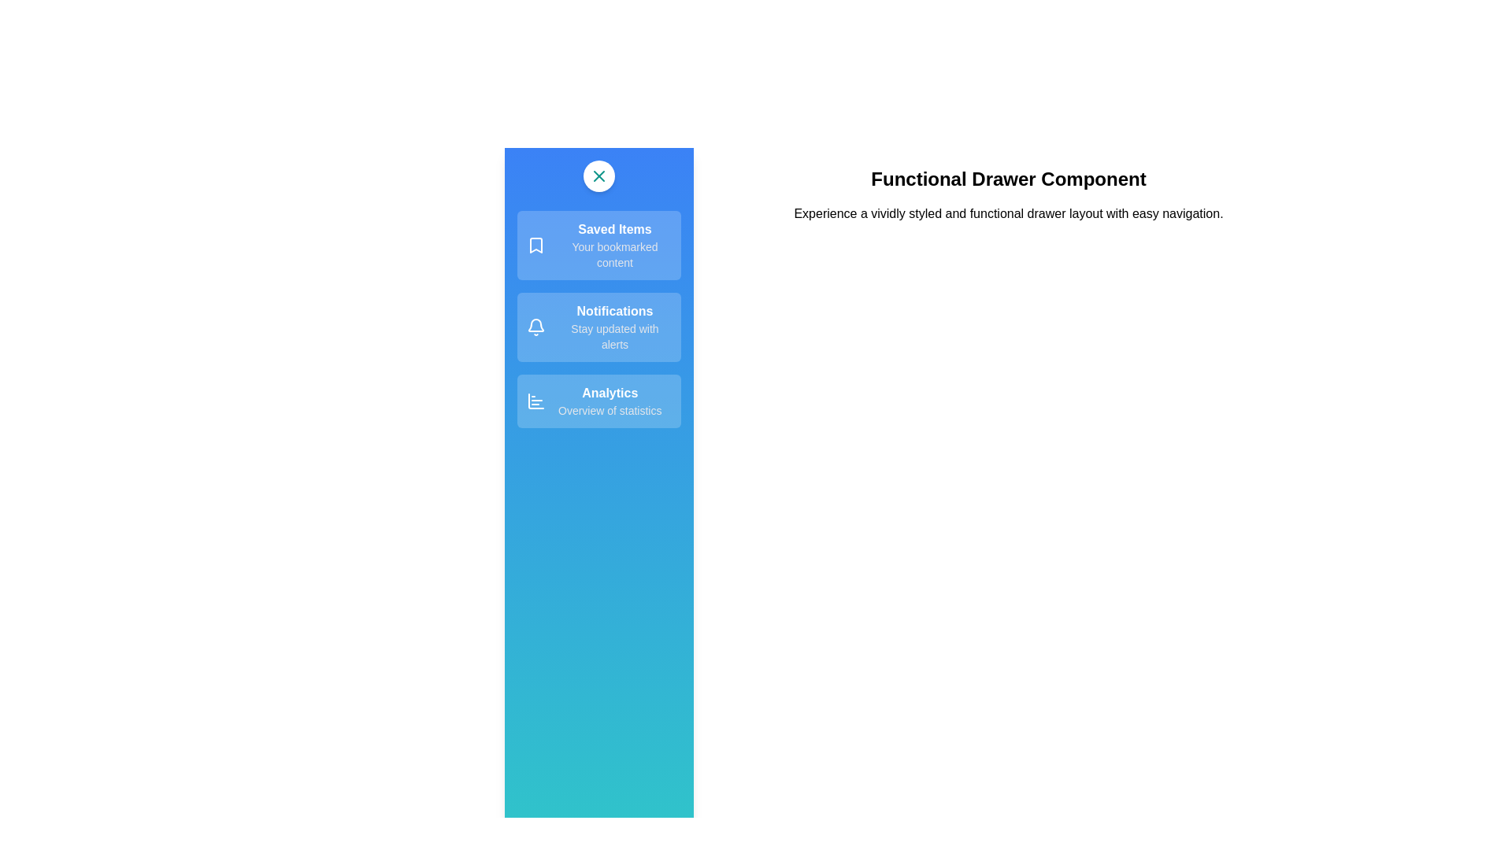 This screenshot has width=1512, height=850. I want to click on the 'Analytics' section to select it, so click(598, 400).